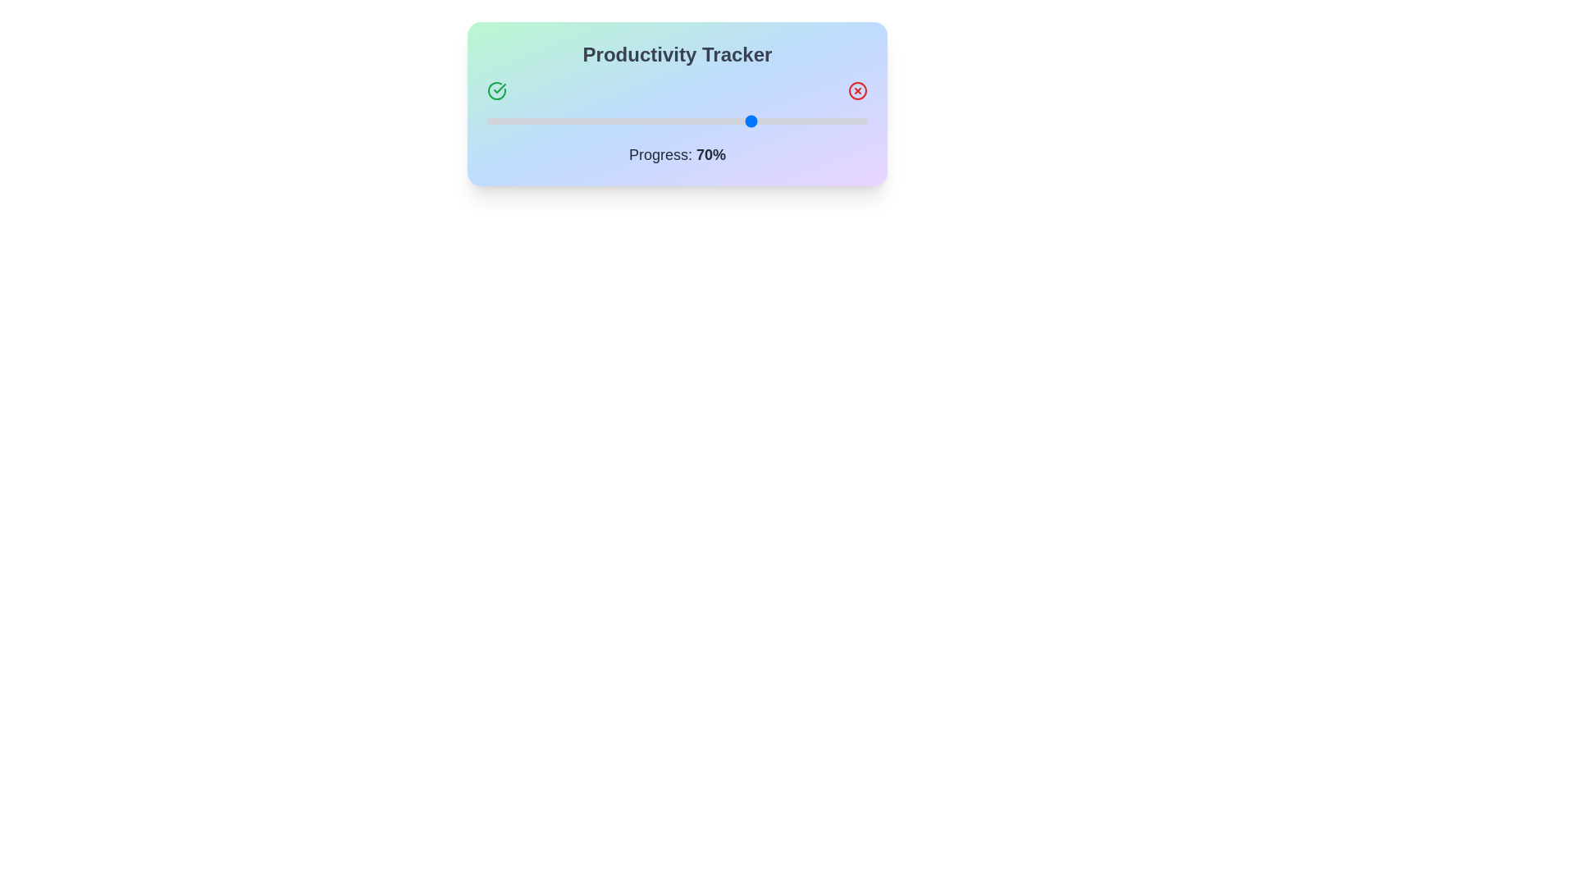 This screenshot has width=1575, height=886. Describe the element at coordinates (857, 91) in the screenshot. I see `the circular red 'X' button in the top-right corner of the card header` at that location.